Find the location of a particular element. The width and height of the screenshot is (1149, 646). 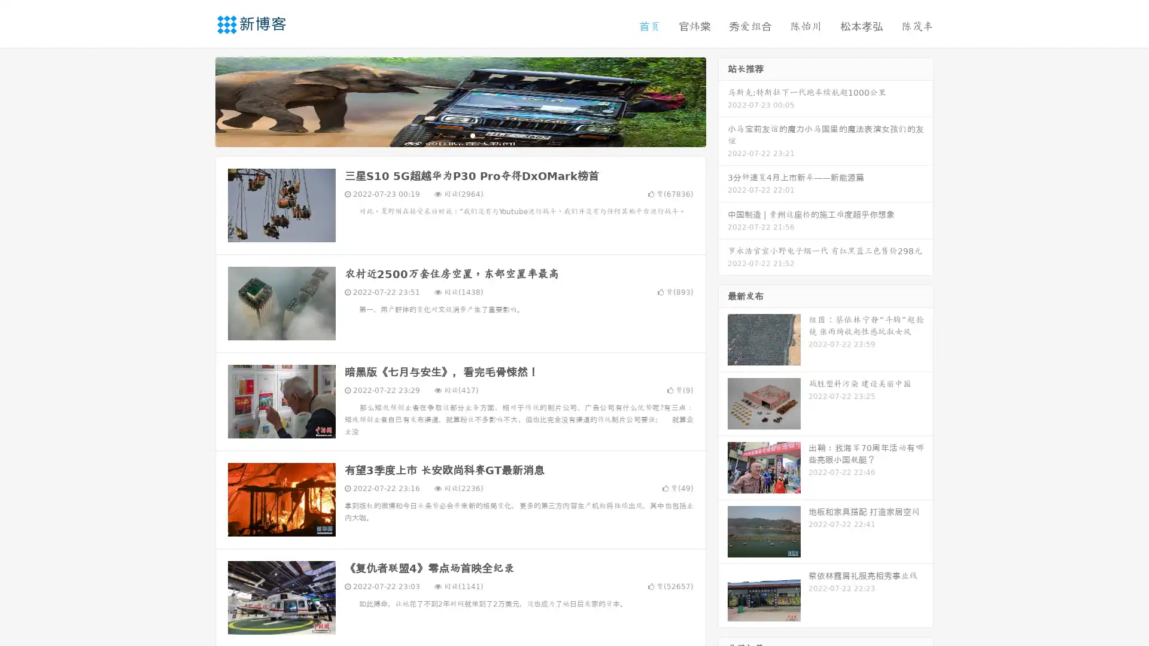

Next slide is located at coordinates (723, 100).